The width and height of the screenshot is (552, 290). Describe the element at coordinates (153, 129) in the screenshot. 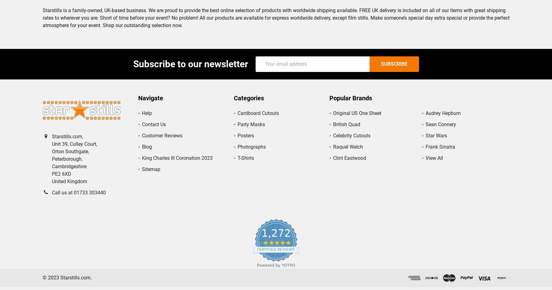

I see `'Contact Us'` at that location.